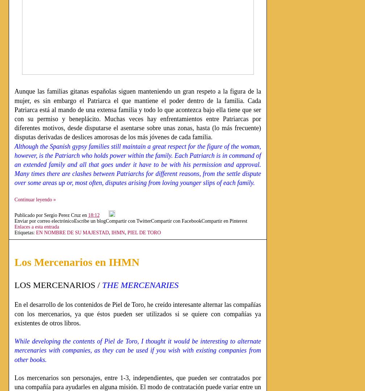  Describe the element at coordinates (77, 261) in the screenshot. I see `'Los Mercenarios en IHMN'` at that location.